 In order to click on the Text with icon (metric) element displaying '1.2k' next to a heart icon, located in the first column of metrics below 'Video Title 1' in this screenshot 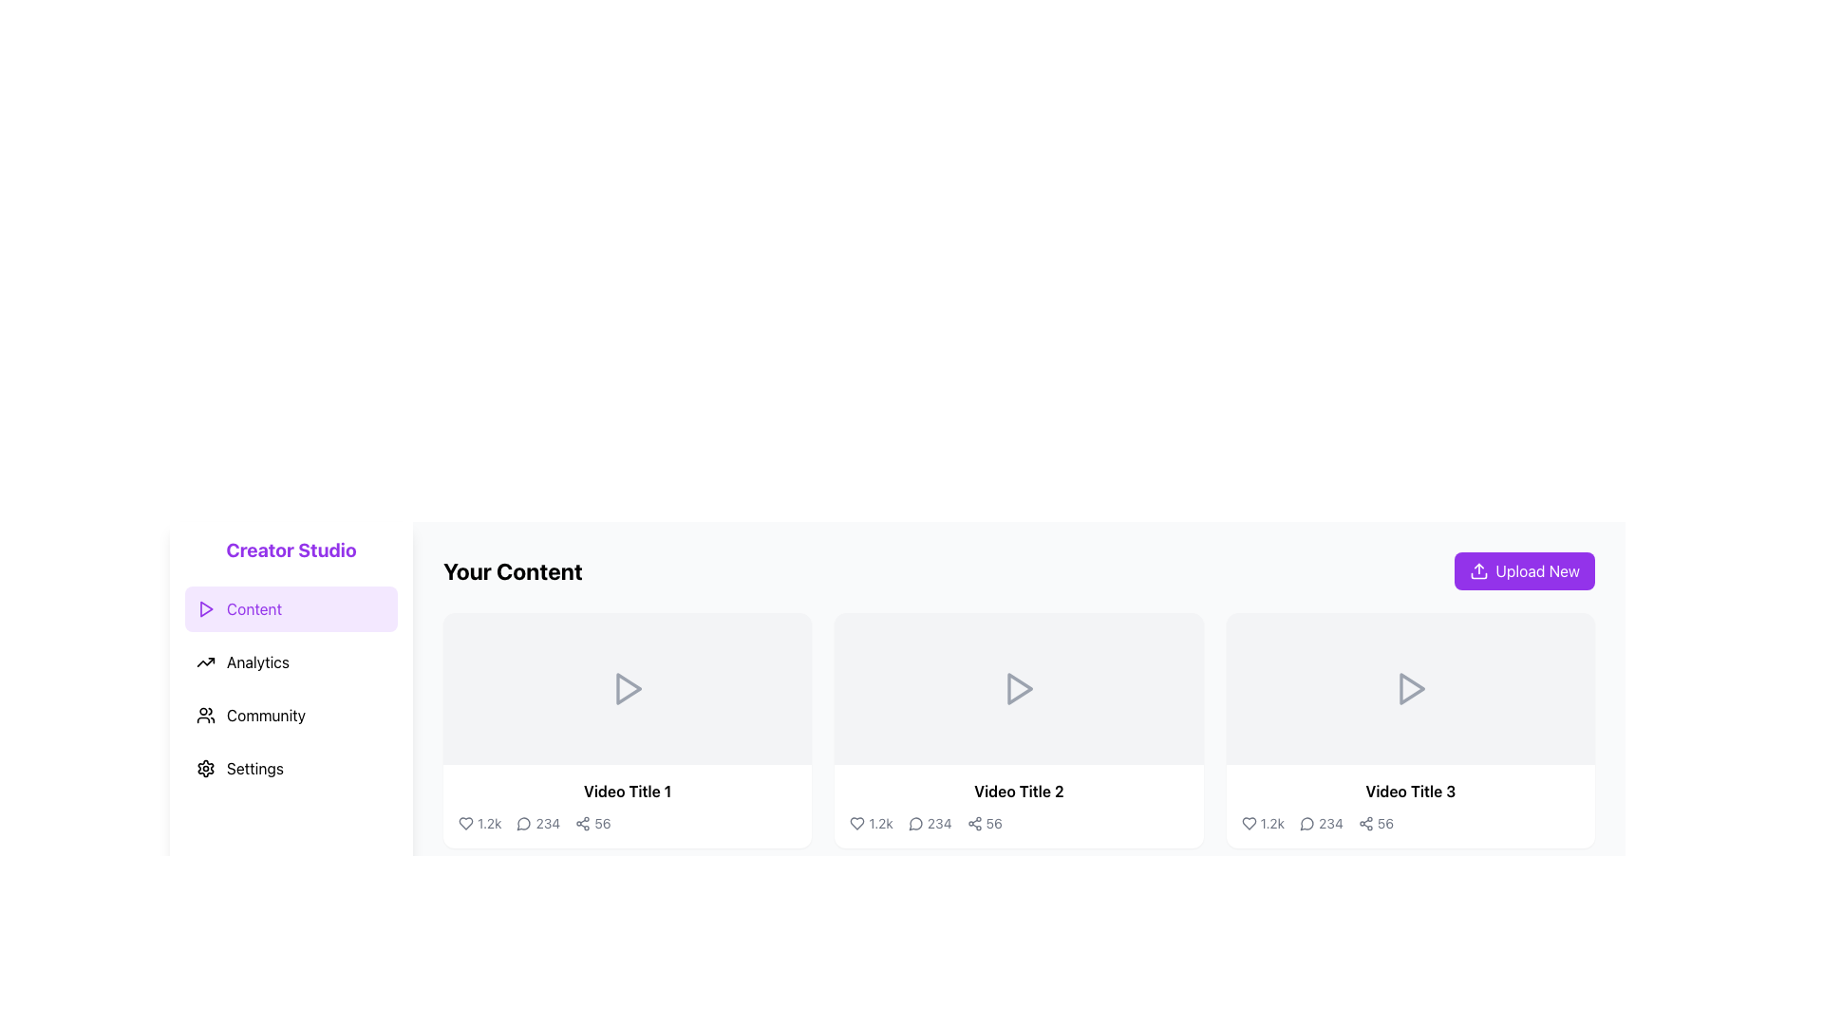, I will do `click(479, 822)`.